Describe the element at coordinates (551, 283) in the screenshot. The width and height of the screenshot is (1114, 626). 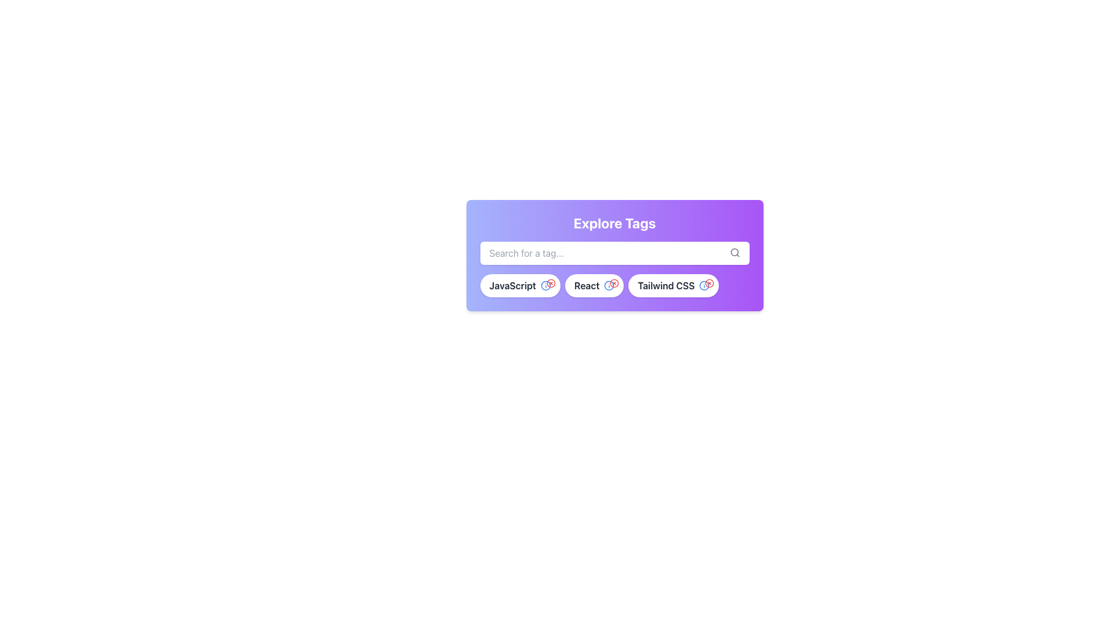
I see `the circular outline associated with the 'JavaScript' button located in the 'Explore Tags' section, positioned on the leftmost button under the search bar` at that location.